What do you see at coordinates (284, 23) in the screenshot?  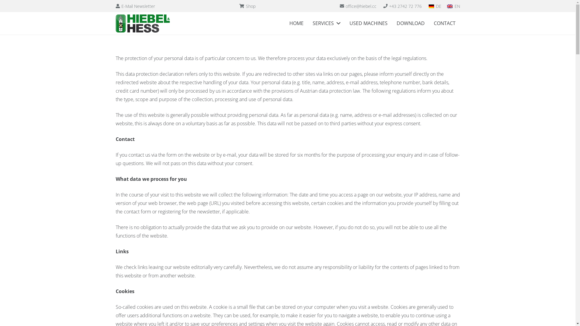 I see `'HOME'` at bounding box center [284, 23].